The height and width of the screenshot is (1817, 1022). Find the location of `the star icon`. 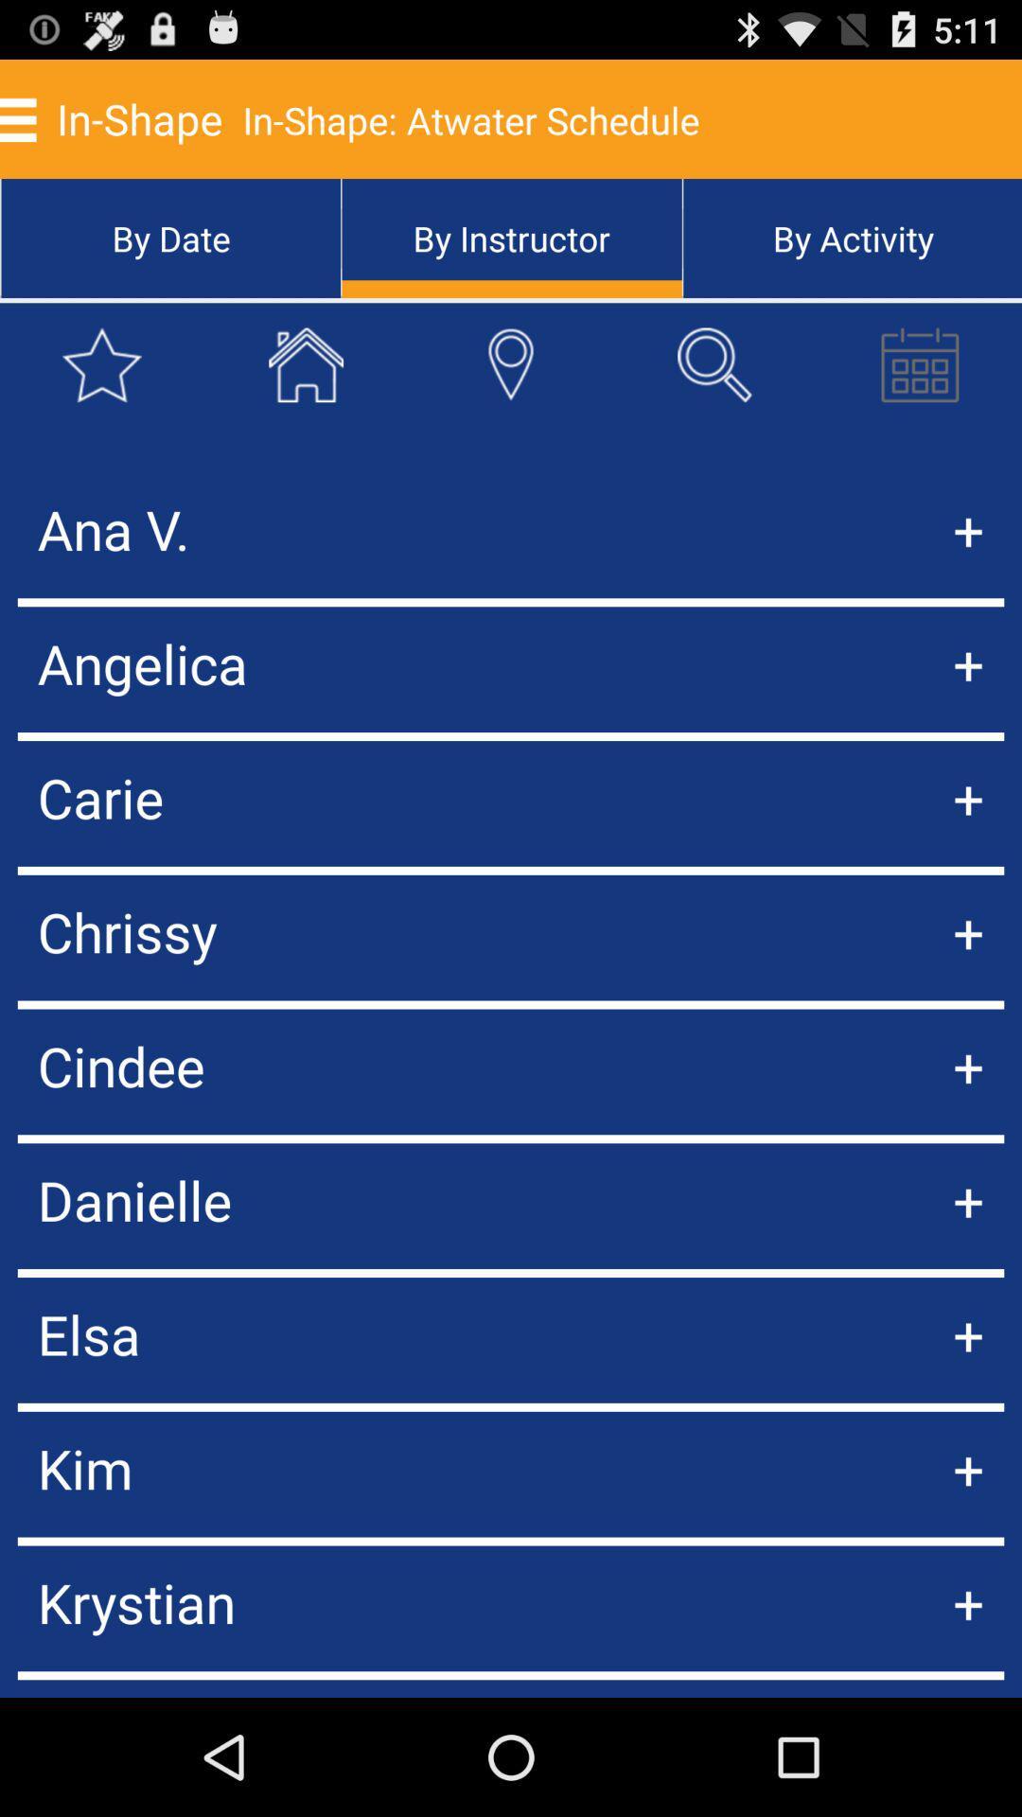

the star icon is located at coordinates (102, 389).